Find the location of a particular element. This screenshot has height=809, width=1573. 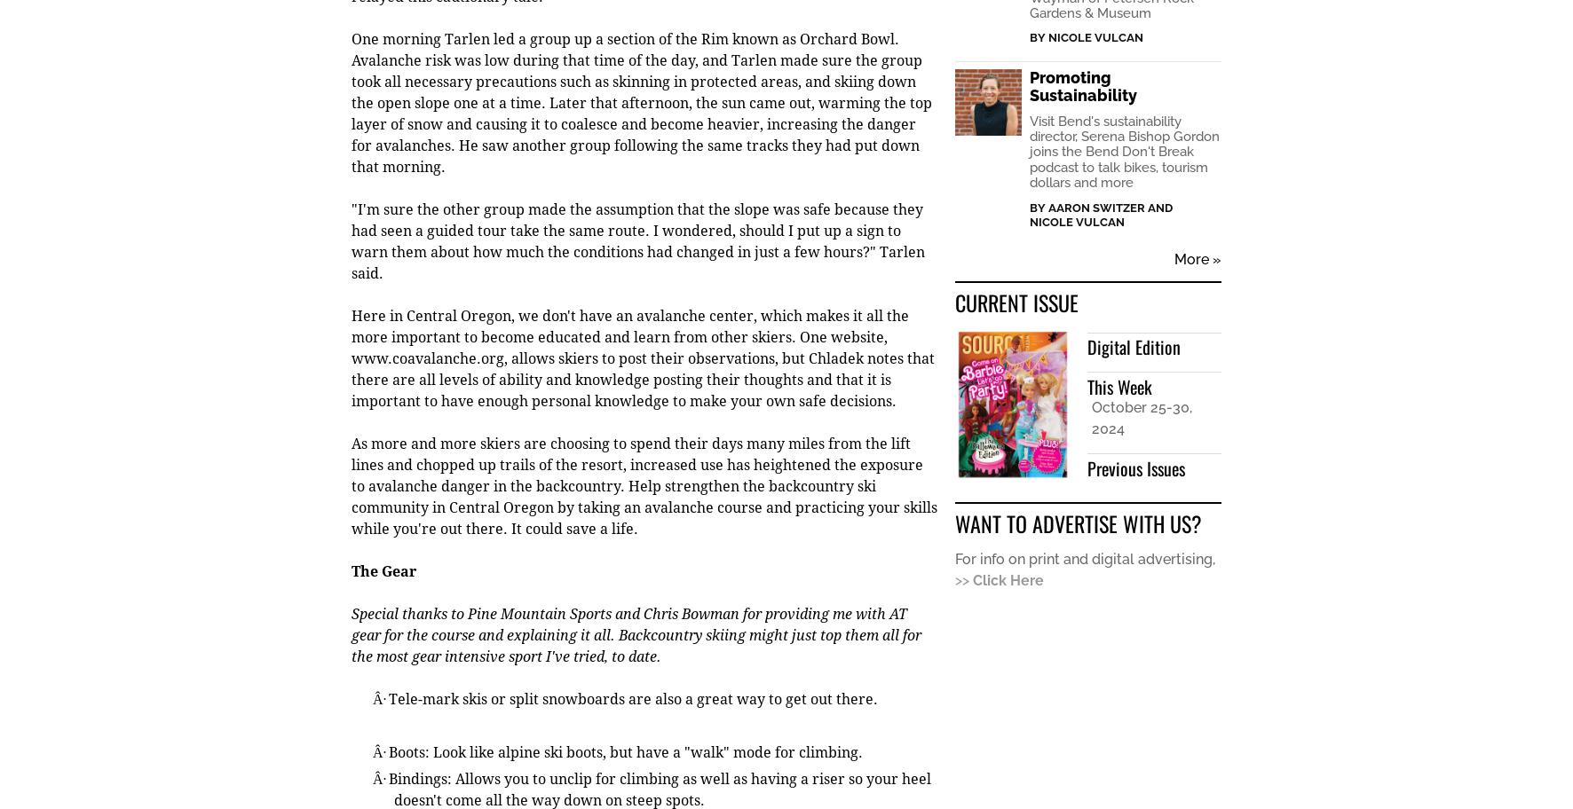

'October 25-30, 2024' is located at coordinates (1142, 420).